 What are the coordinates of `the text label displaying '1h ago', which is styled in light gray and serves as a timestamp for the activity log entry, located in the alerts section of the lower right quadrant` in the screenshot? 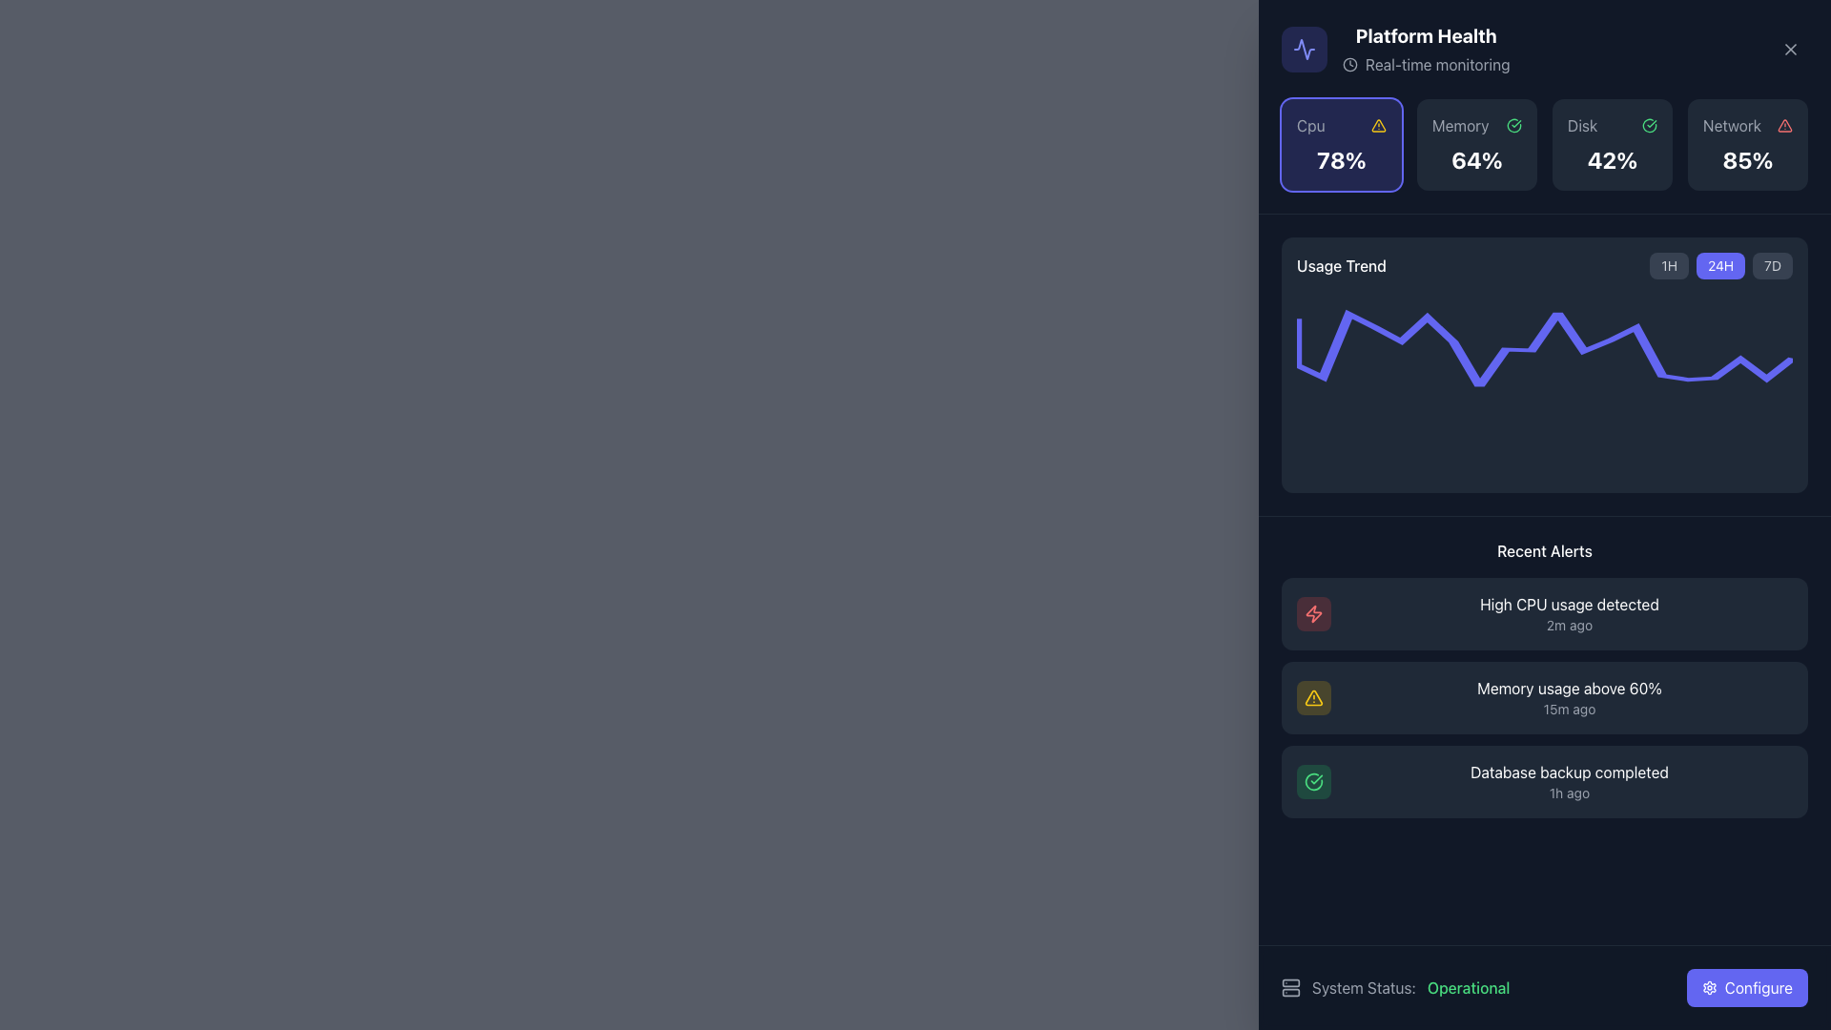 It's located at (1570, 793).